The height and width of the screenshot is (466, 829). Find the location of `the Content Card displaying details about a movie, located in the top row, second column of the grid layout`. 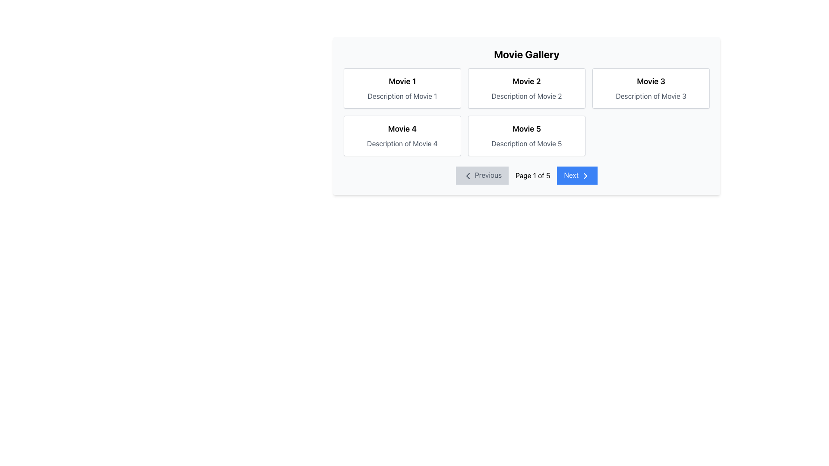

the Content Card displaying details about a movie, located in the top row, second column of the grid layout is located at coordinates (526, 88).